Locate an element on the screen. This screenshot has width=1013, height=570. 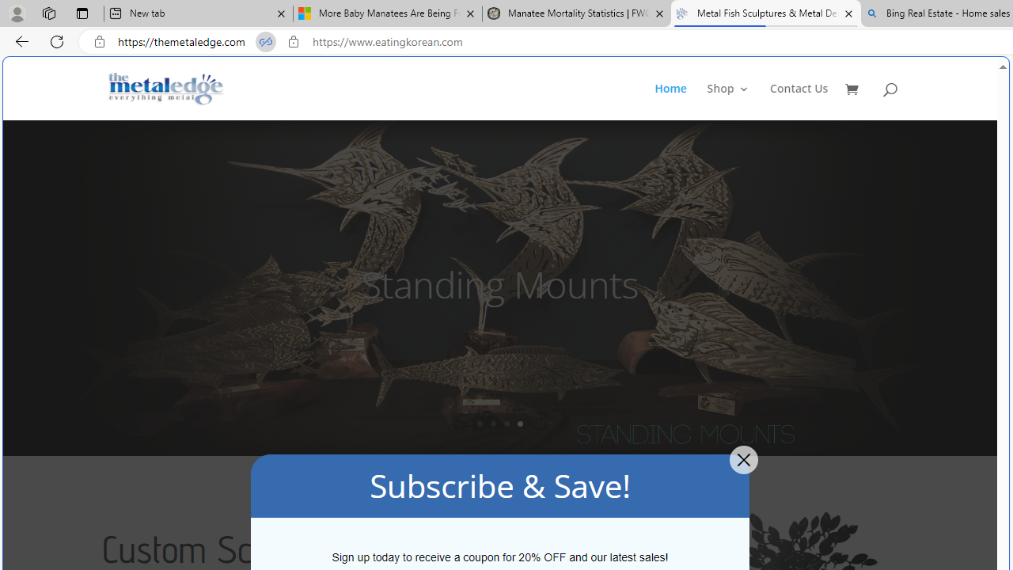
'Contact Us' is located at coordinates (799, 101).